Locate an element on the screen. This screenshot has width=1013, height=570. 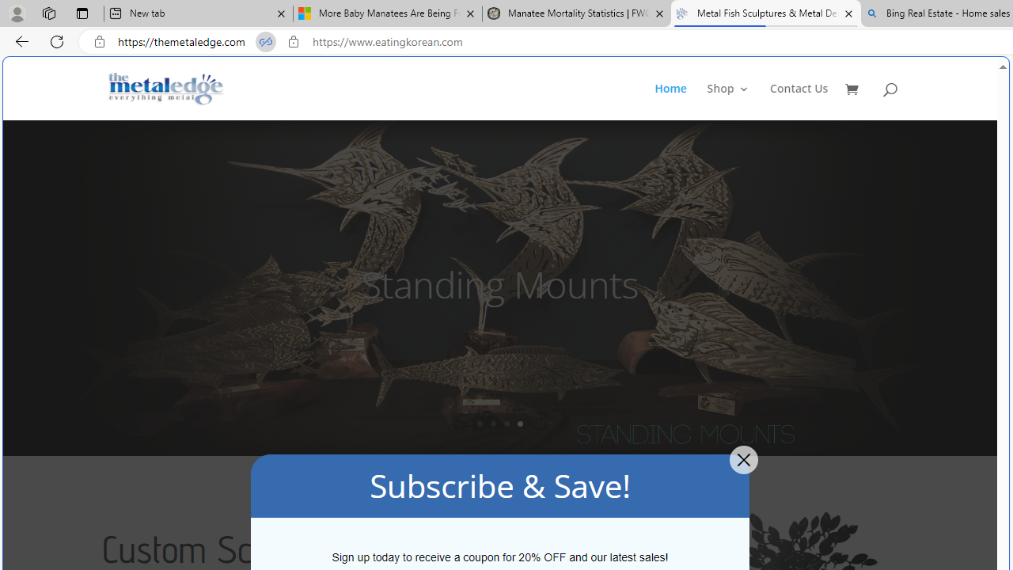
'Contact Us' is located at coordinates (799, 101).